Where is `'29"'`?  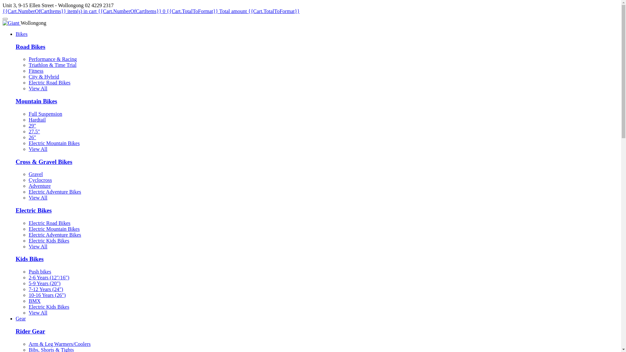 '29"' is located at coordinates (32, 125).